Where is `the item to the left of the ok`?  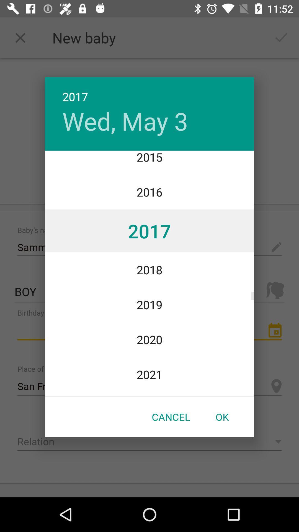
the item to the left of the ok is located at coordinates (171, 417).